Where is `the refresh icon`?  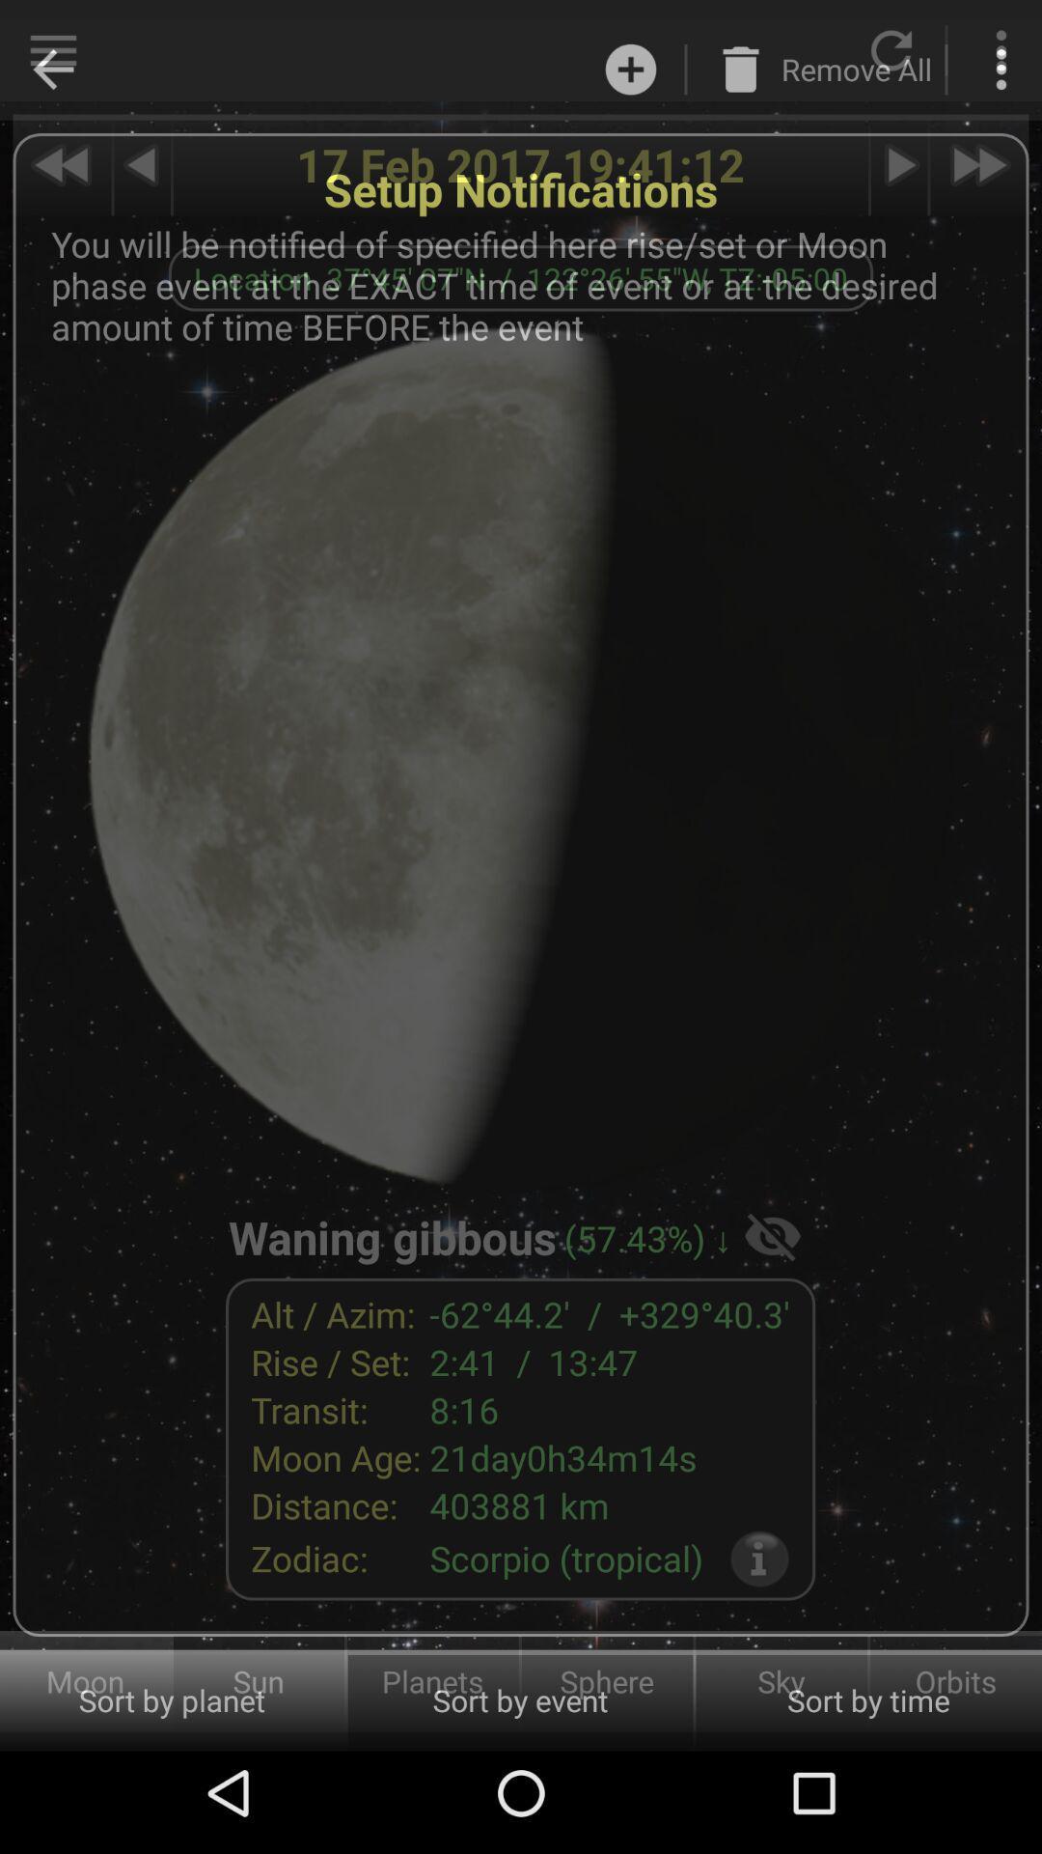 the refresh icon is located at coordinates (891, 50).